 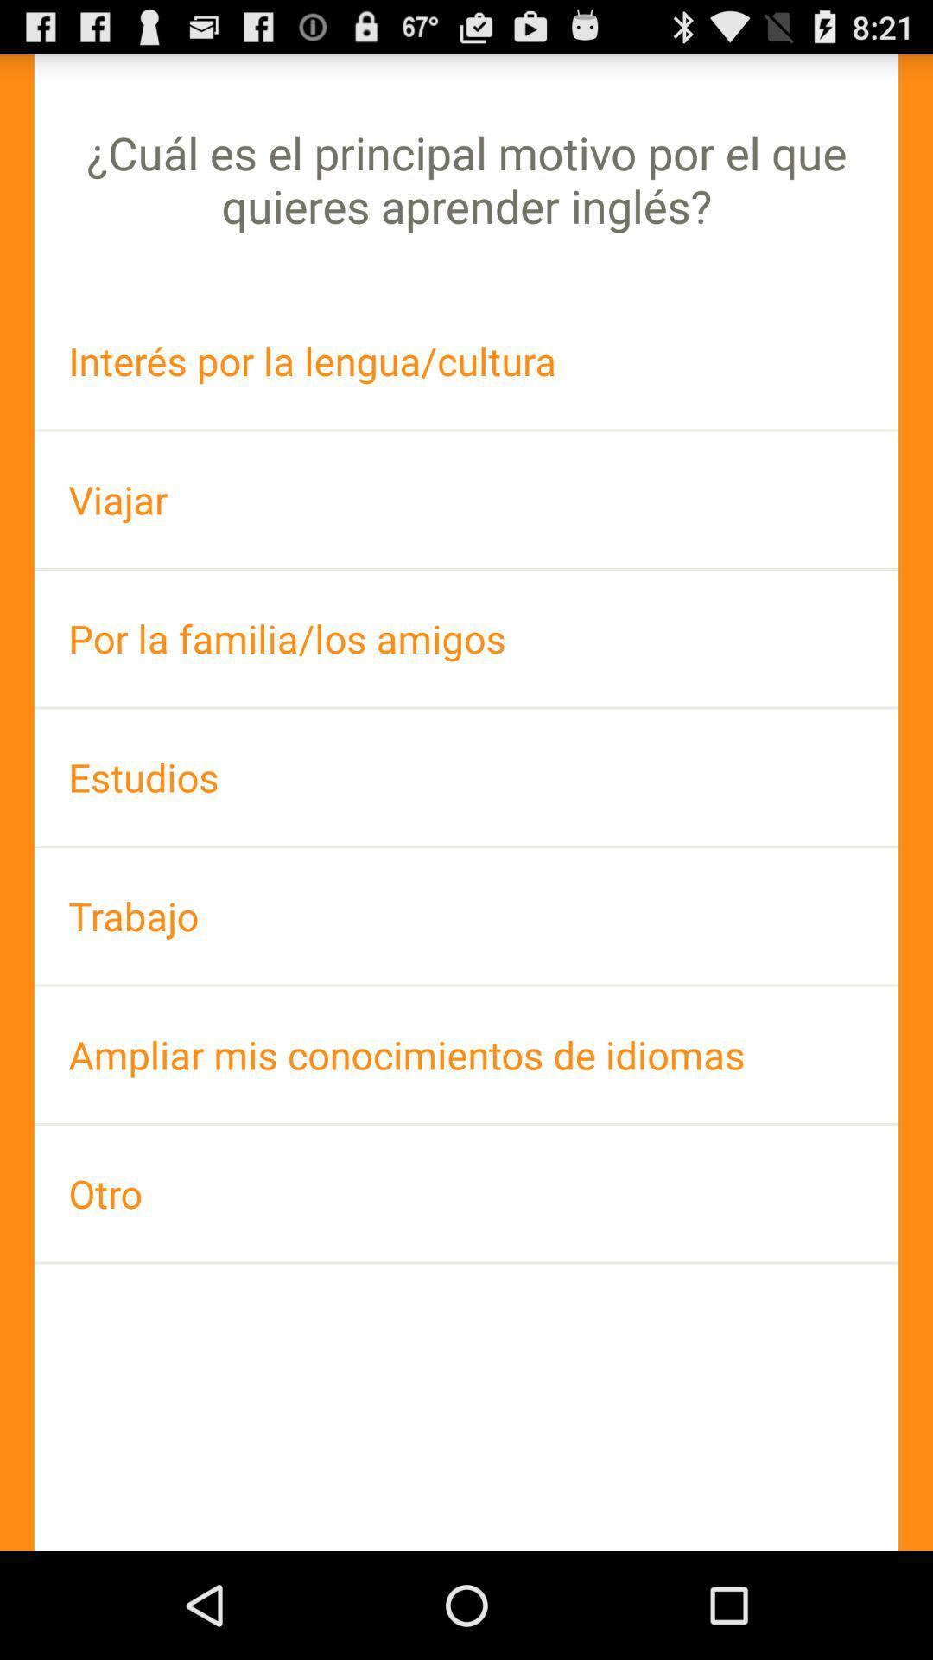 What do you see at coordinates (466, 776) in the screenshot?
I see `the item below por la familia icon` at bounding box center [466, 776].